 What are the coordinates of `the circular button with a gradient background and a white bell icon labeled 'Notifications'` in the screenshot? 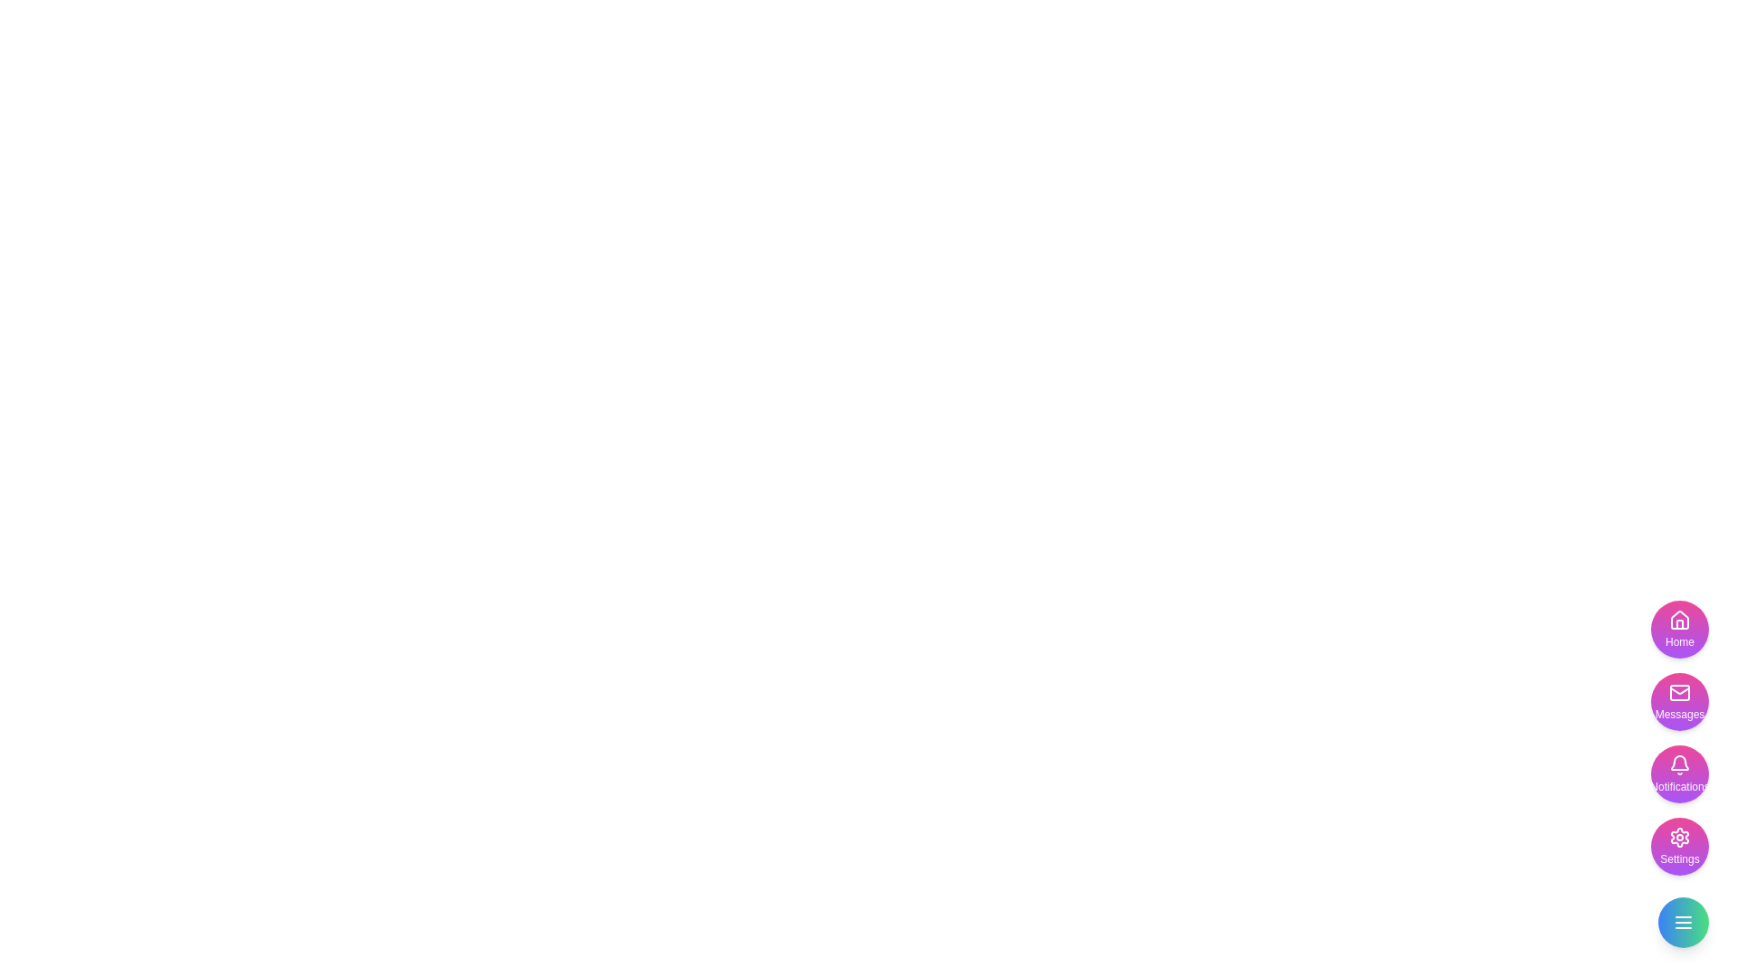 It's located at (1679, 773).